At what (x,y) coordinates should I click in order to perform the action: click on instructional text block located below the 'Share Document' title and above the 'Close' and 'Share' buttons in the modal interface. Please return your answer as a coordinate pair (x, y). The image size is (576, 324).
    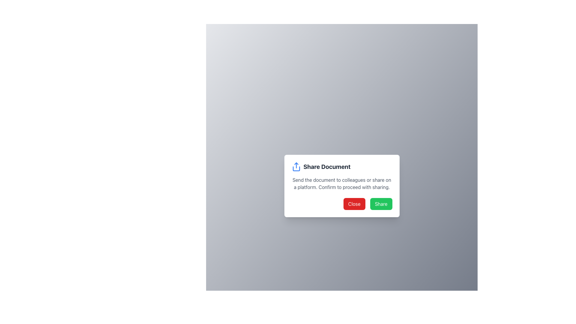
    Looking at the image, I should click on (342, 183).